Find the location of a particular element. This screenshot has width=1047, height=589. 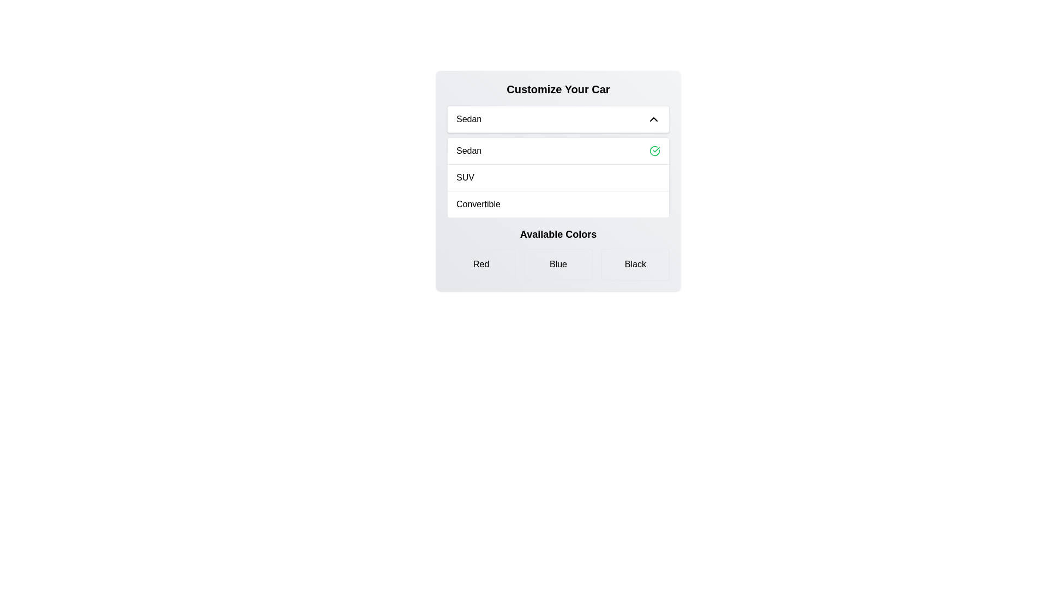

the selectable list item labeled 'Sedan' is located at coordinates (558, 151).